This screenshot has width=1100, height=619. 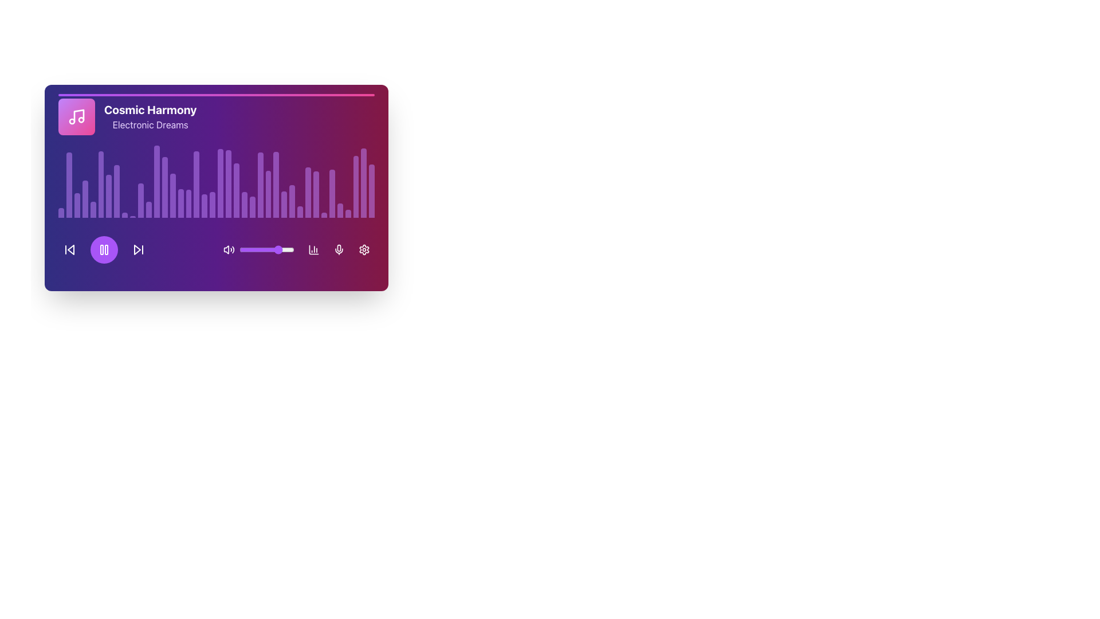 I want to click on the 15th vertical bar in the histogram visualization, which is light purple in color, so click(x=172, y=195).